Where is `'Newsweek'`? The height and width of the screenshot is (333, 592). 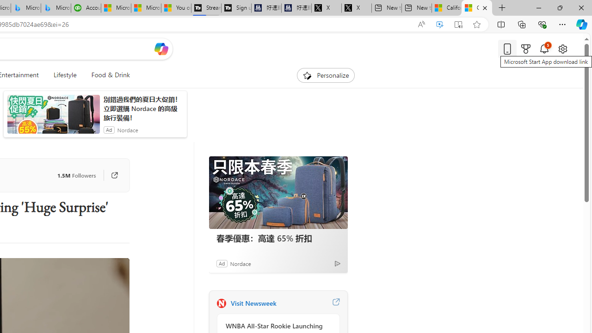
'Newsweek' is located at coordinates (221, 303).